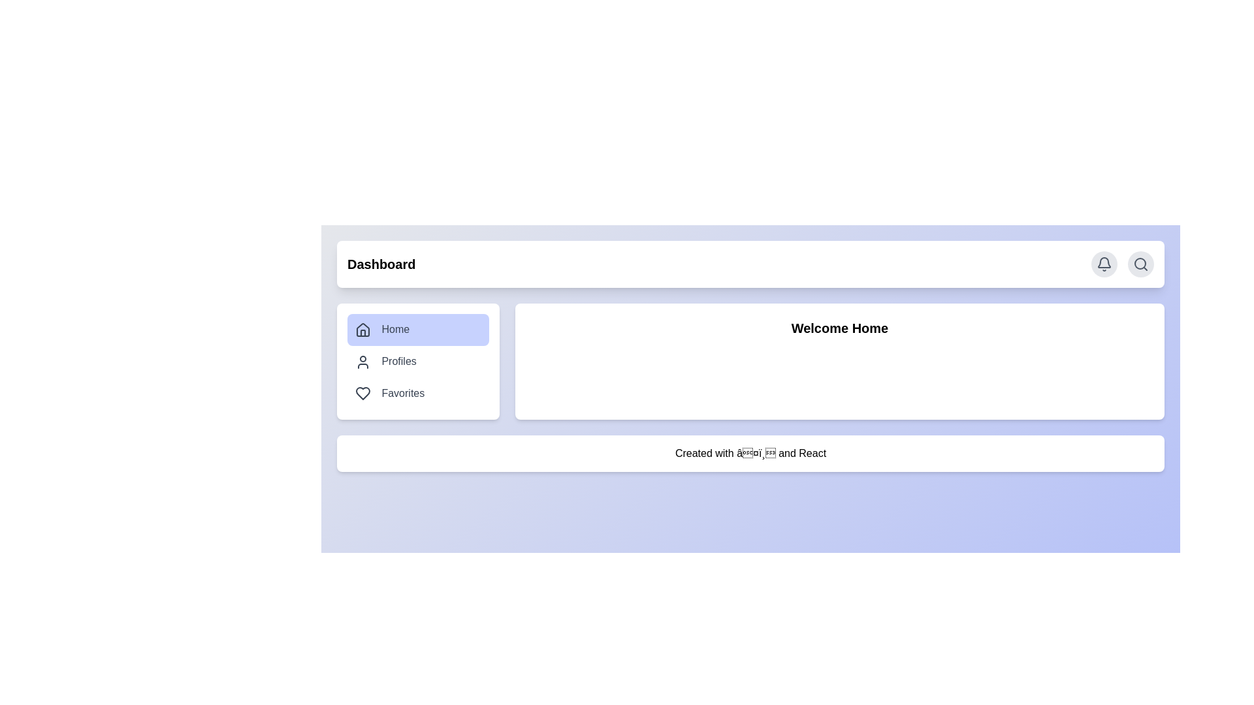 The height and width of the screenshot is (705, 1254). What do you see at coordinates (1140, 264) in the screenshot?
I see `the central circular component of the magnifying glass icon located in the top-right corner of the interface` at bounding box center [1140, 264].